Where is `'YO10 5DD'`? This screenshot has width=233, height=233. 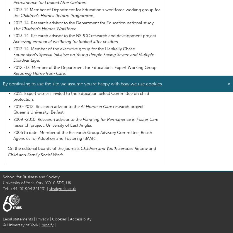 'YO10 5DD' is located at coordinates (54, 182).